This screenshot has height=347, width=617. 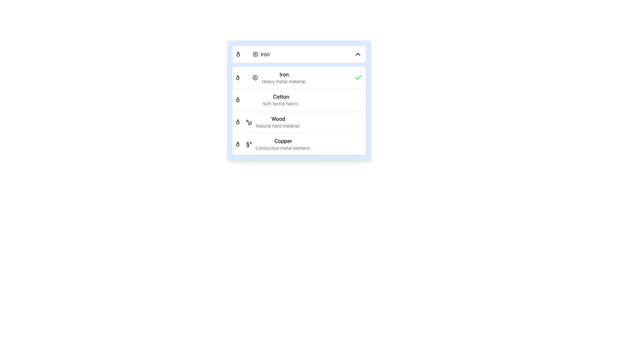 What do you see at coordinates (244, 122) in the screenshot?
I see `the Text icon representing 'Wood' located to the left of the text 'Wood' and its description 'Natural hard material.'` at bounding box center [244, 122].